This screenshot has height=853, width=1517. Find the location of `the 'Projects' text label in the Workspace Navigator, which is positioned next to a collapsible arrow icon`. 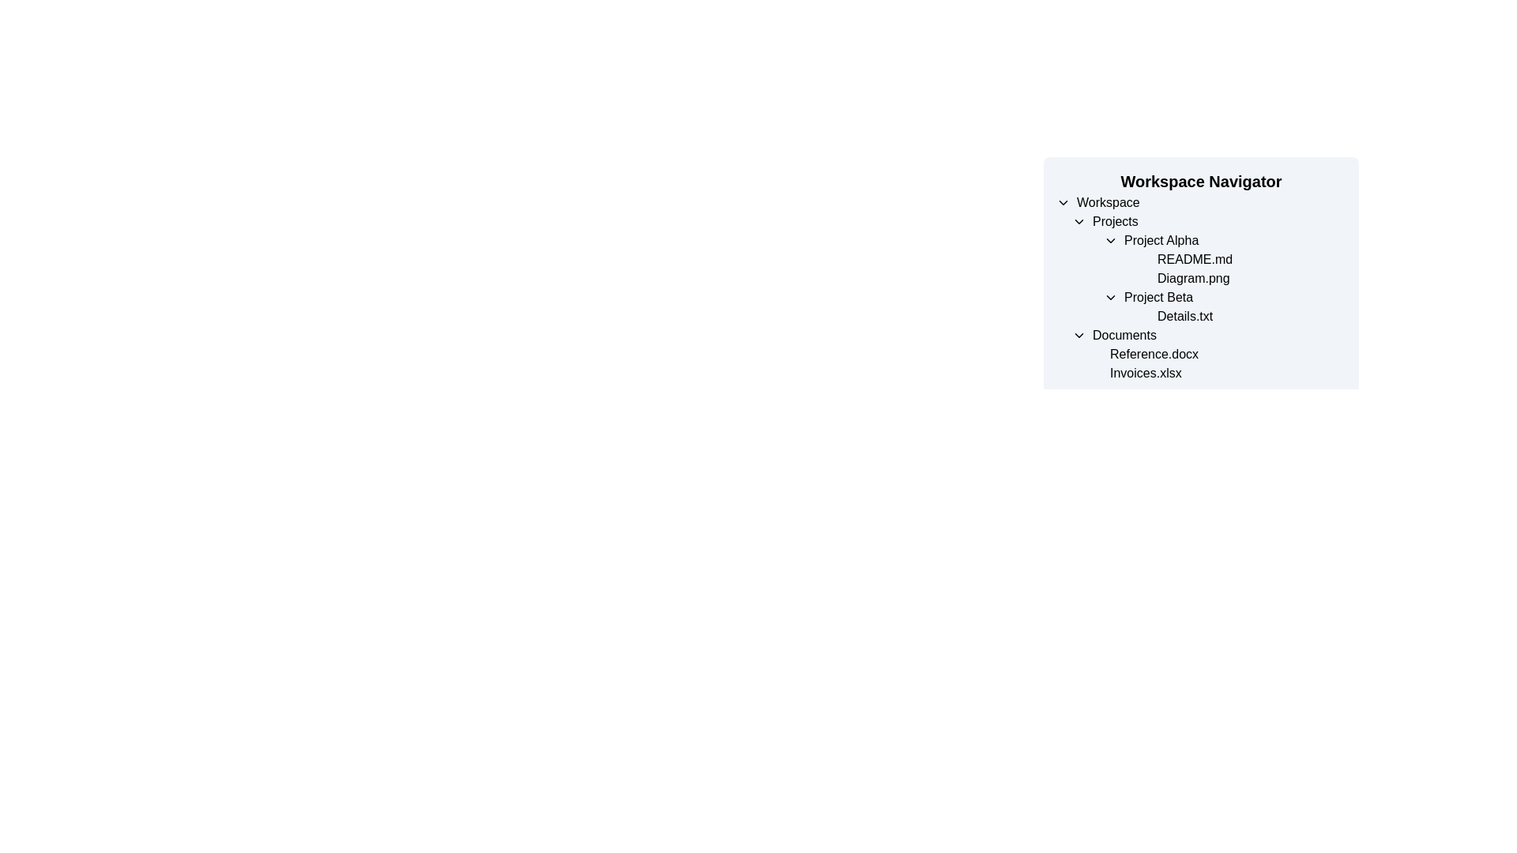

the 'Projects' text label in the Workspace Navigator, which is positioned next to a collapsible arrow icon is located at coordinates (1114, 222).